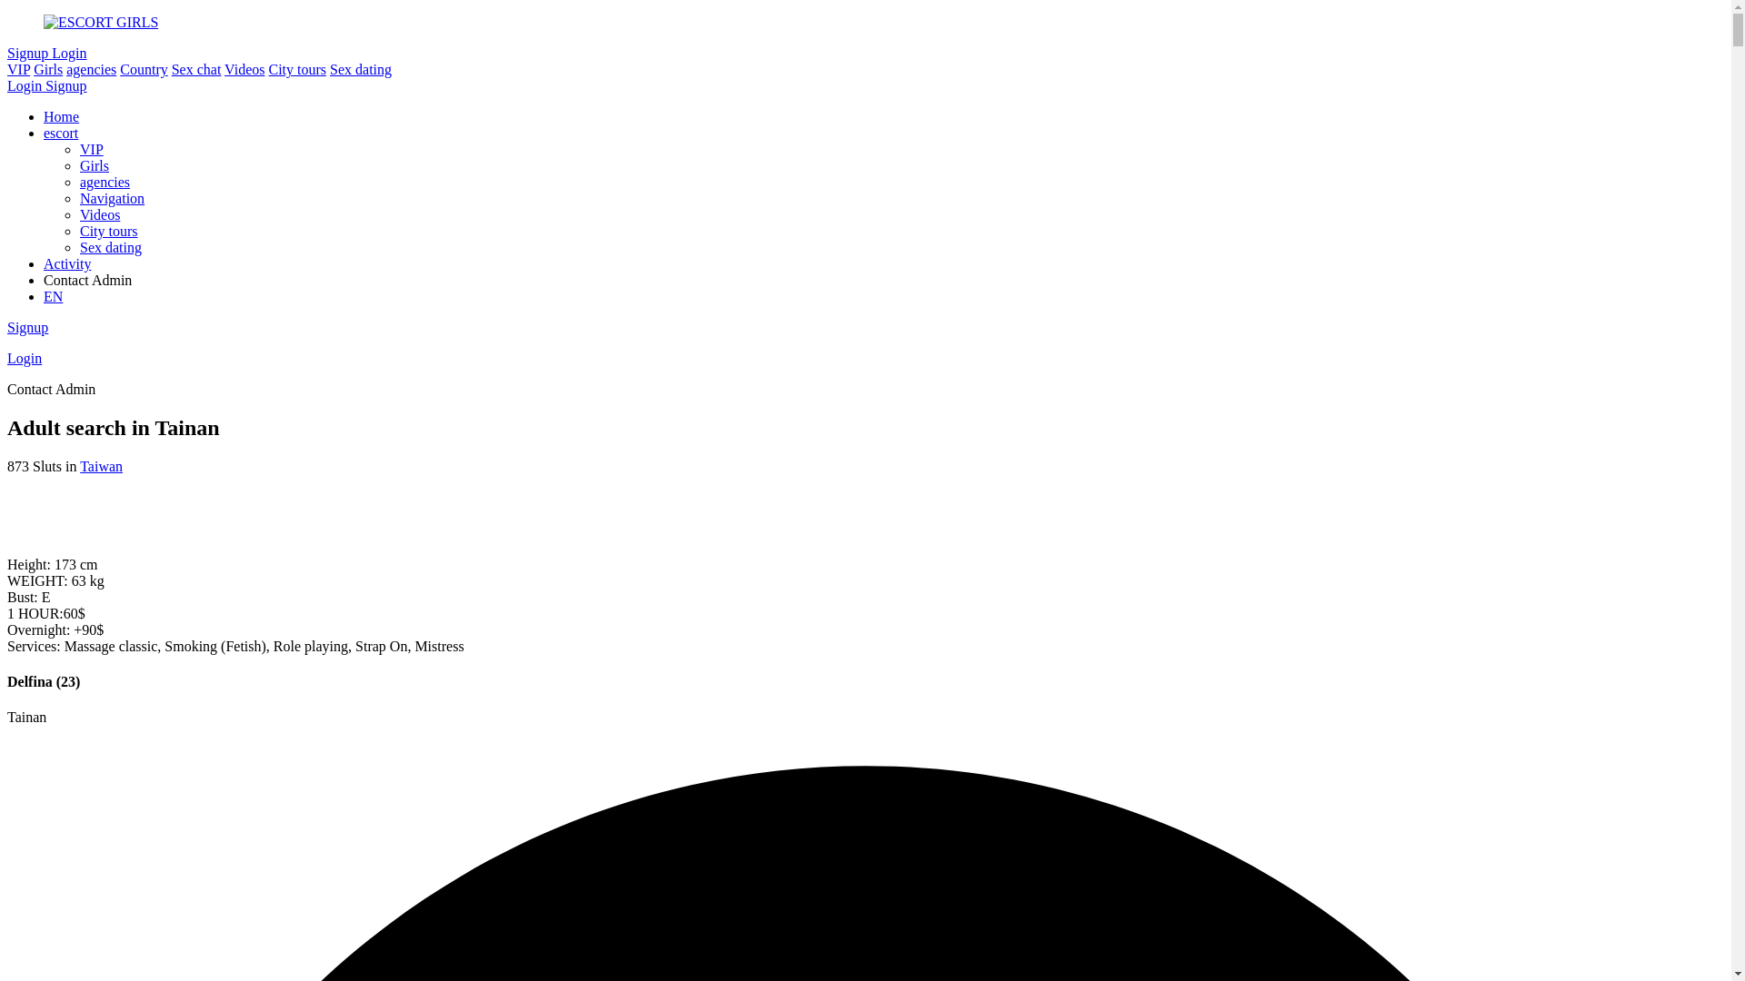 The image size is (1745, 981). I want to click on 'Videos', so click(99, 213).